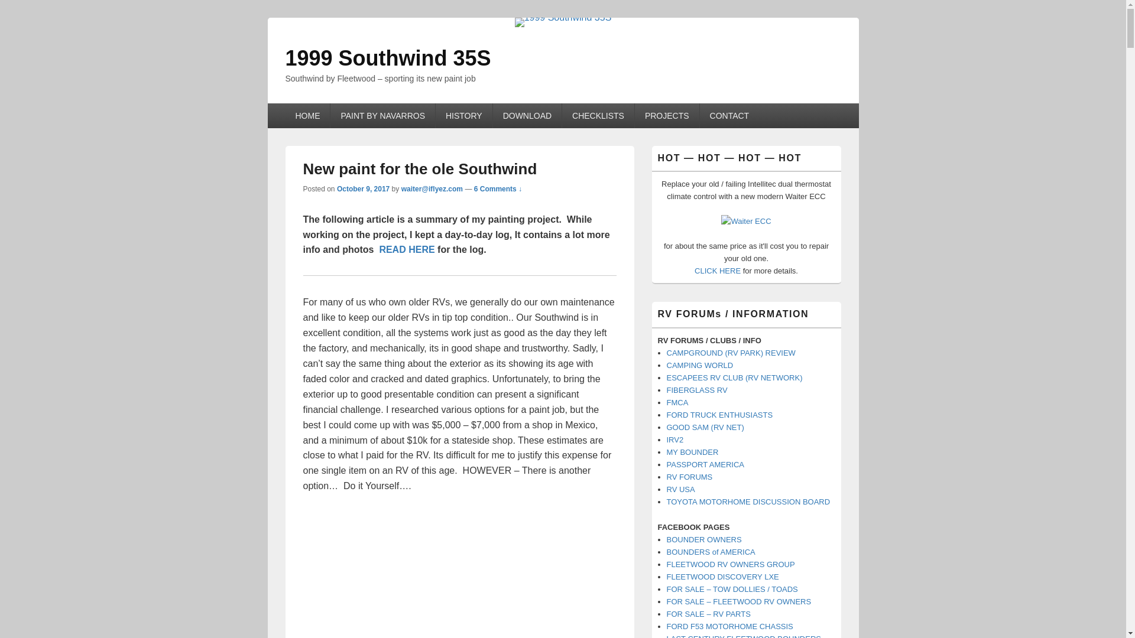 Image resolution: width=1135 pixels, height=638 pixels. What do you see at coordinates (719, 414) in the screenshot?
I see `'FORD TRUCK ENTHUSIASTS'` at bounding box center [719, 414].